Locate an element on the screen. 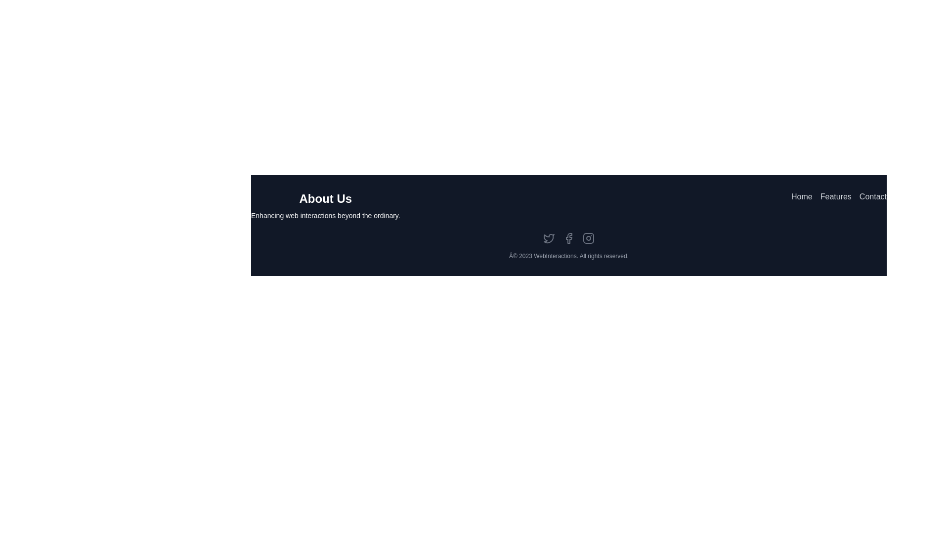 The width and height of the screenshot is (949, 533). text component that reads 'Enhancing web interactions beyond the ordinary.' located below the 'About Us' title, for reading purposes is located at coordinates (325, 215).